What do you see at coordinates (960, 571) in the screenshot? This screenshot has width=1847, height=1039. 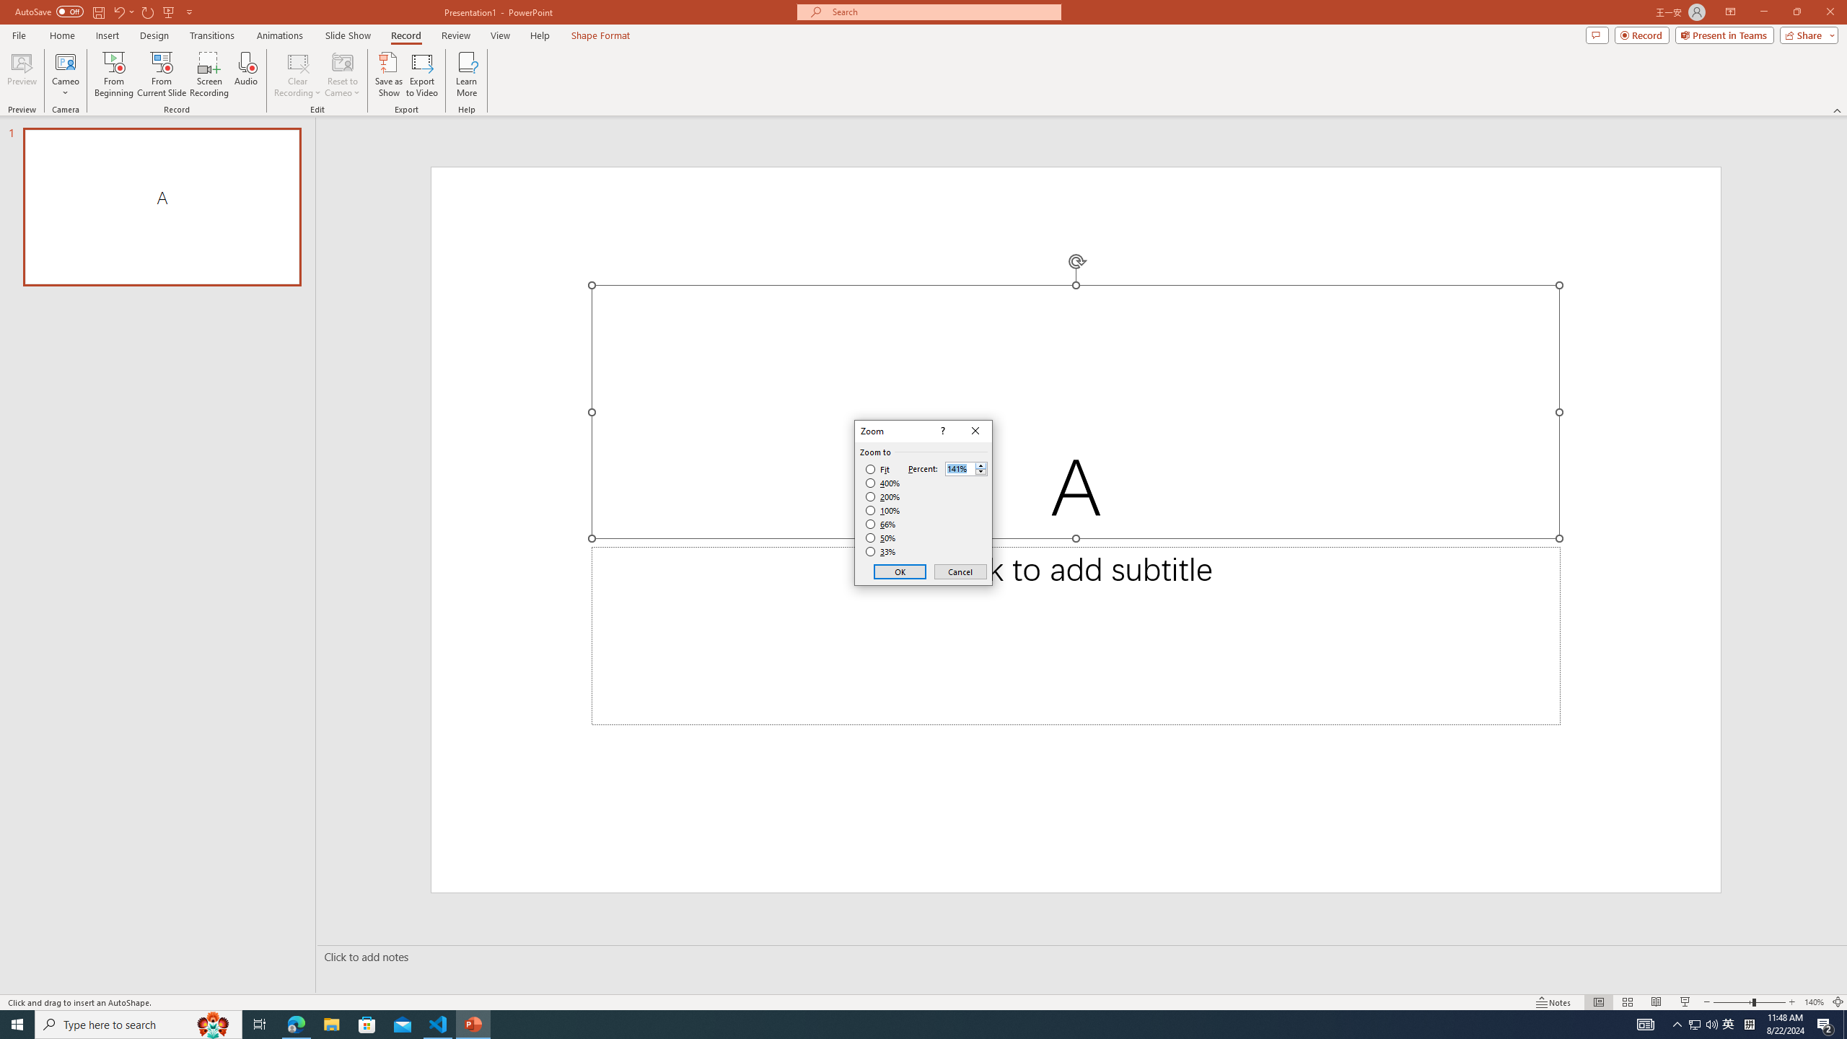 I see `'Cancel'` at bounding box center [960, 571].